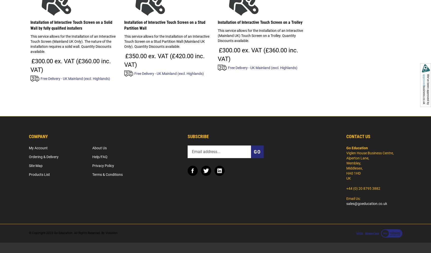  What do you see at coordinates (197, 136) in the screenshot?
I see `'Subscribe'` at bounding box center [197, 136].